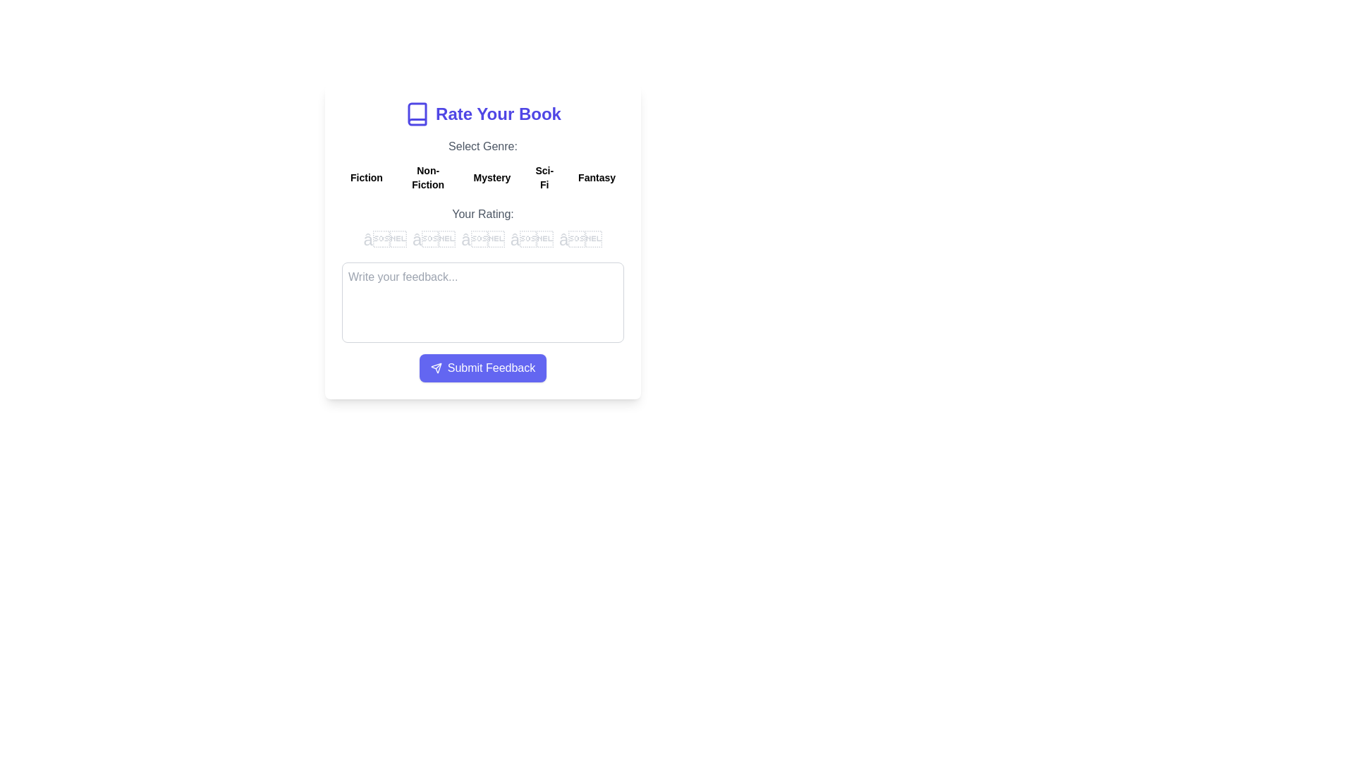 The width and height of the screenshot is (1354, 762). I want to click on the 'Non-Fiction' button, which is the second button in a group of five, so click(427, 176).